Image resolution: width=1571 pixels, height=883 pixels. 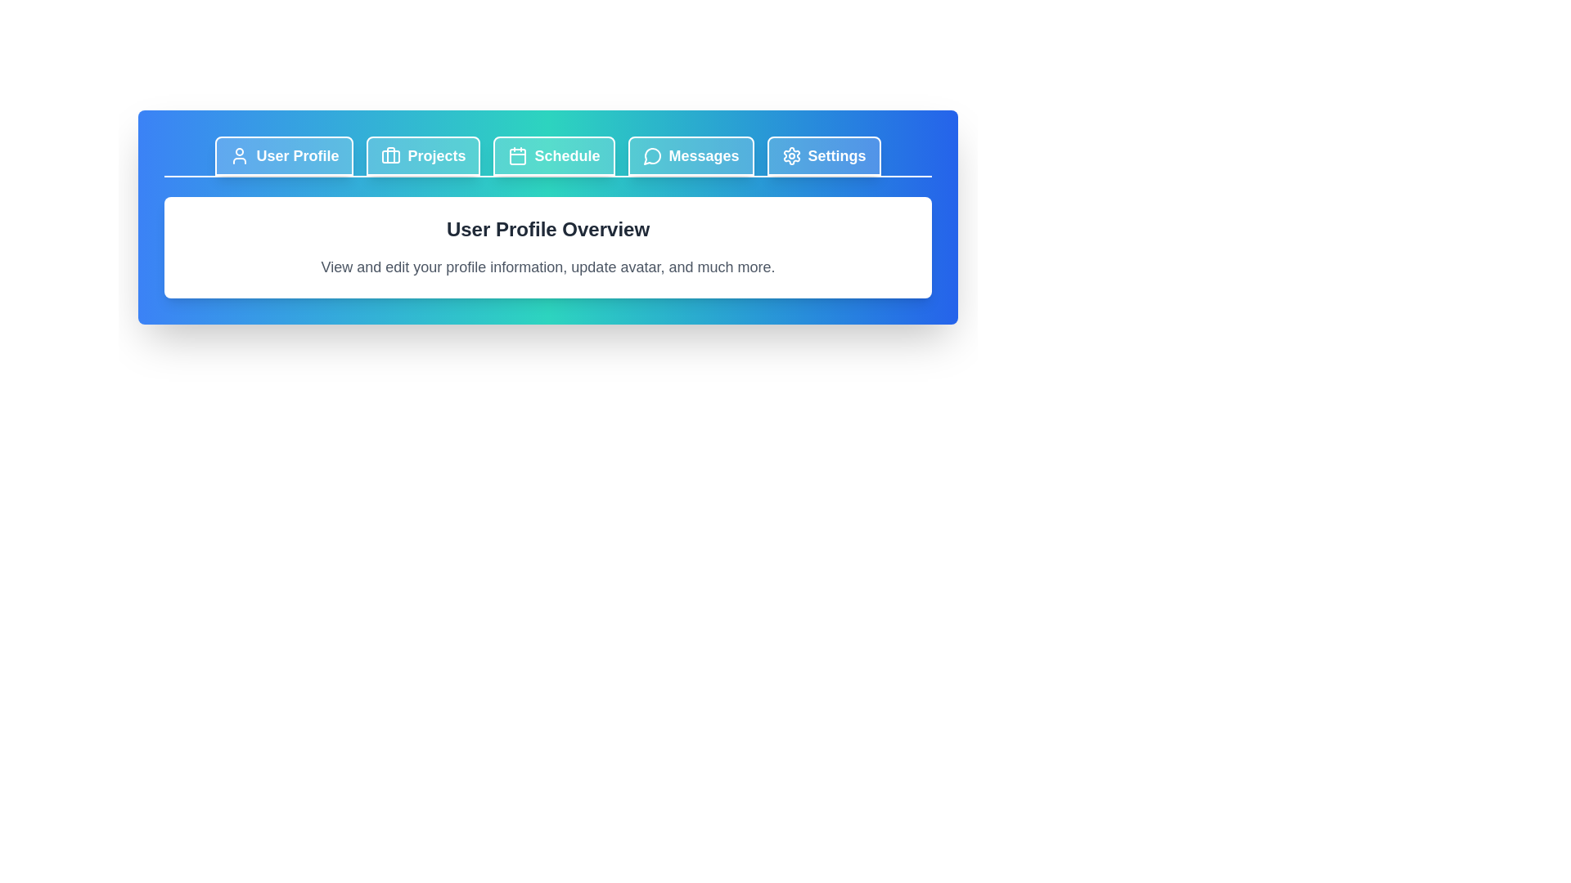 I want to click on the user profile icon located in the top-left region of the application interface within the 'User Profile' tab, so click(x=239, y=156).